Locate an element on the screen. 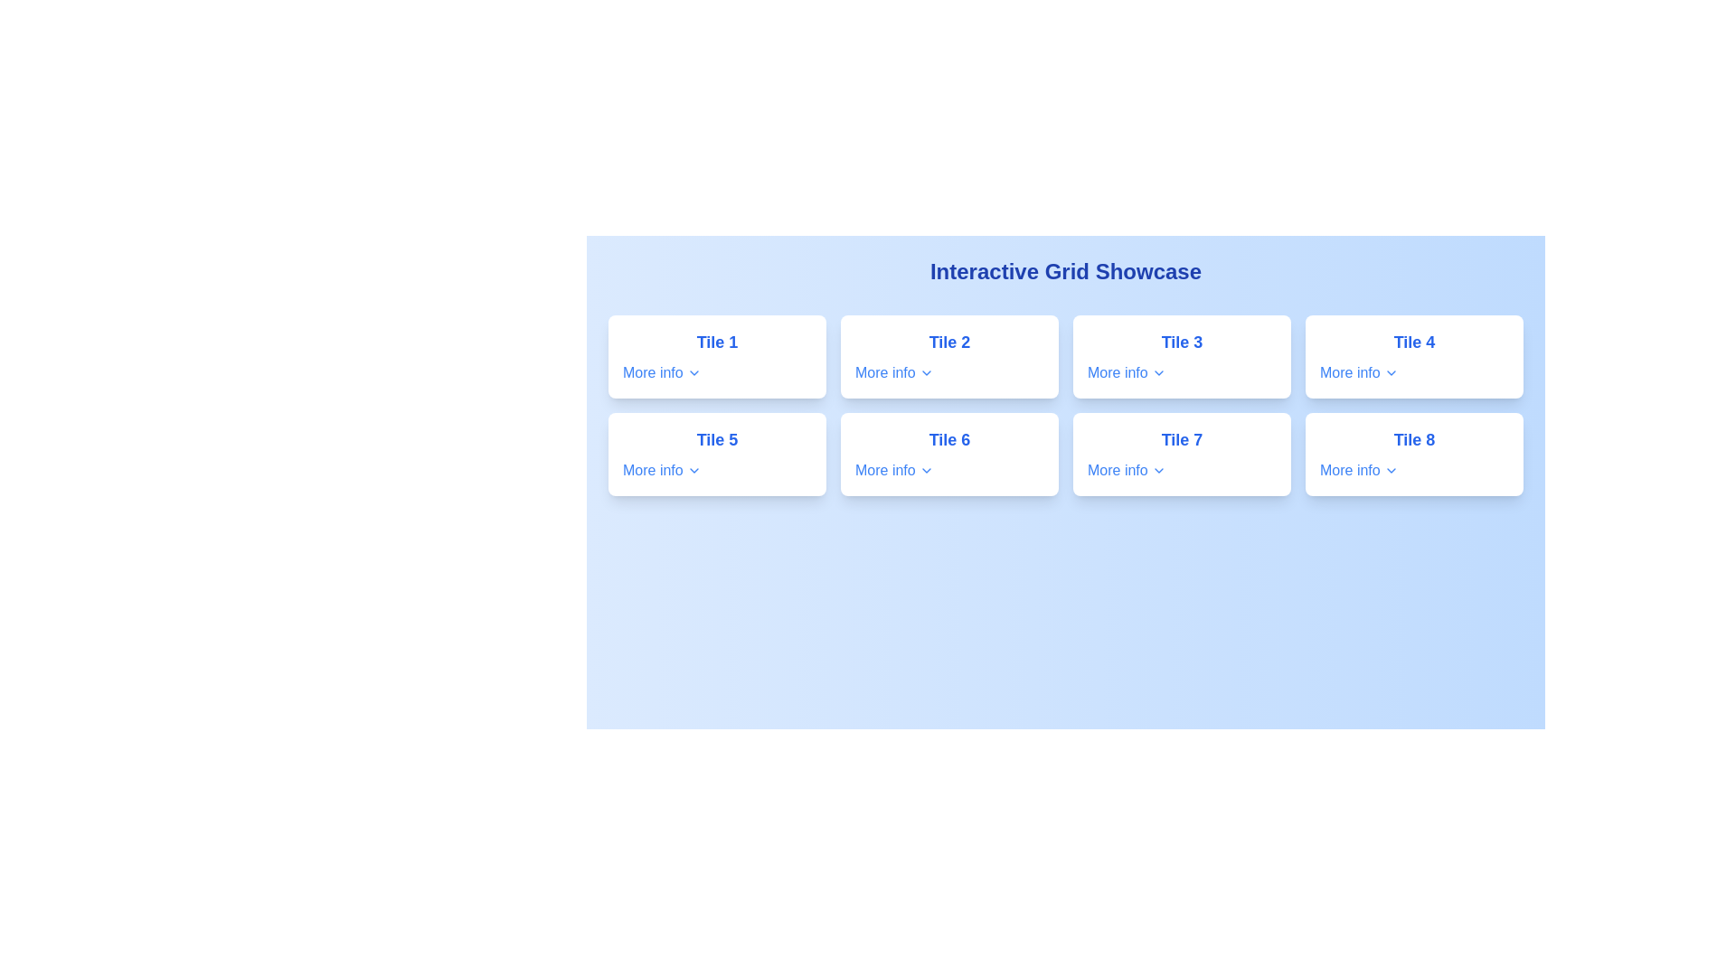  the dropdown indicator icon located on the far right of the fourth row in the grid layout, which is part of the 'More info' link in 'Tile 8' is located at coordinates (1390, 469).